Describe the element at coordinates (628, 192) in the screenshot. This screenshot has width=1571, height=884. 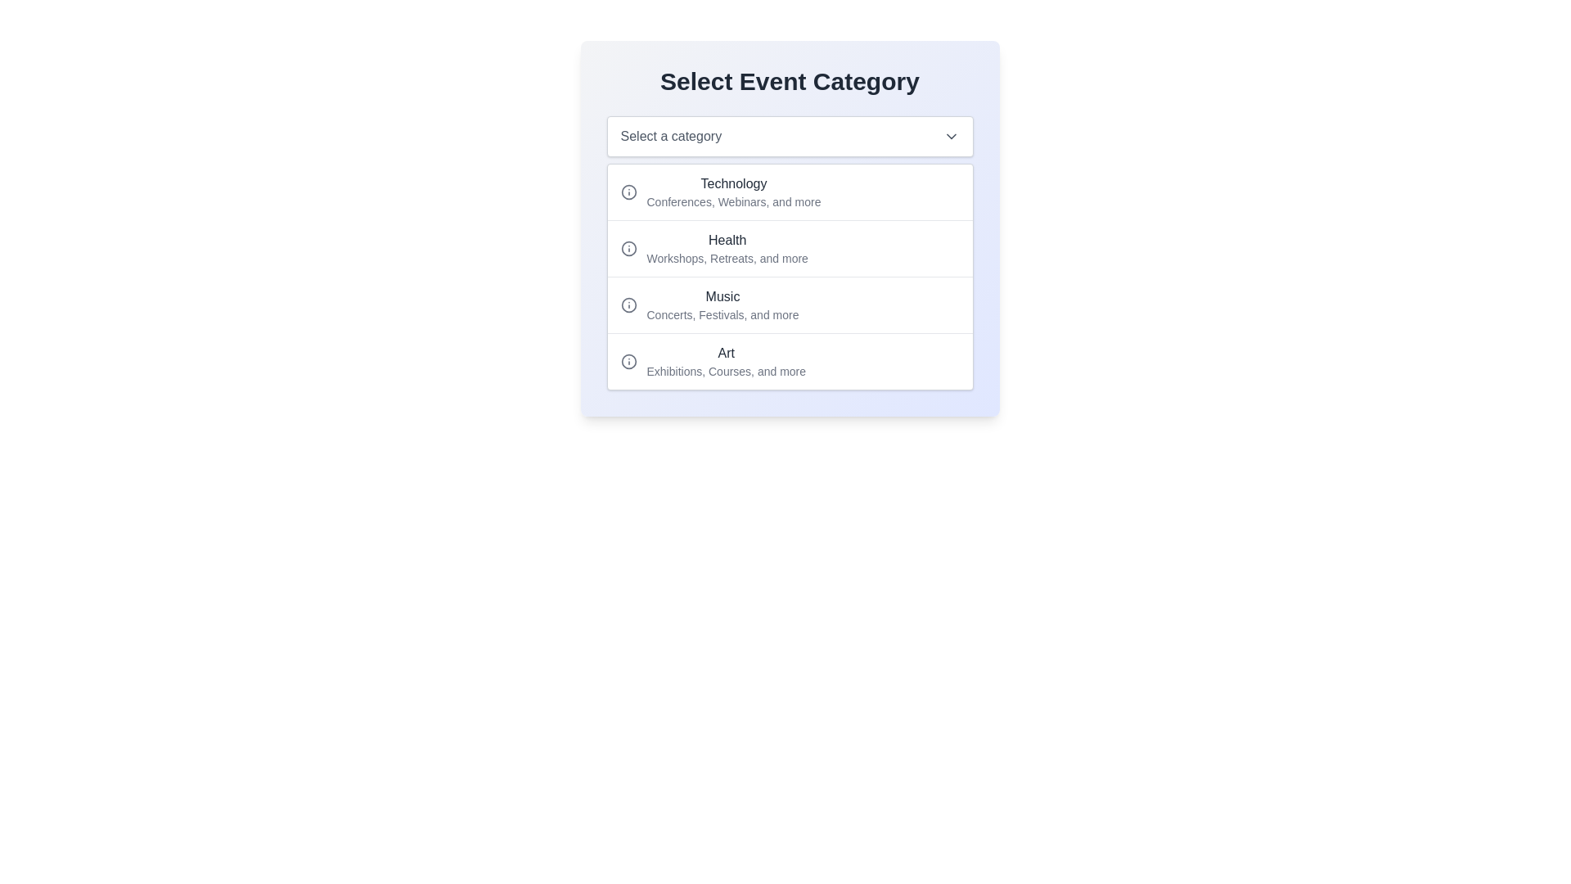
I see `the circular SVG element with a radius of 10 units, styled with a gray stroke, located to the left of the 'Technology' text in the first row of the category list` at that location.